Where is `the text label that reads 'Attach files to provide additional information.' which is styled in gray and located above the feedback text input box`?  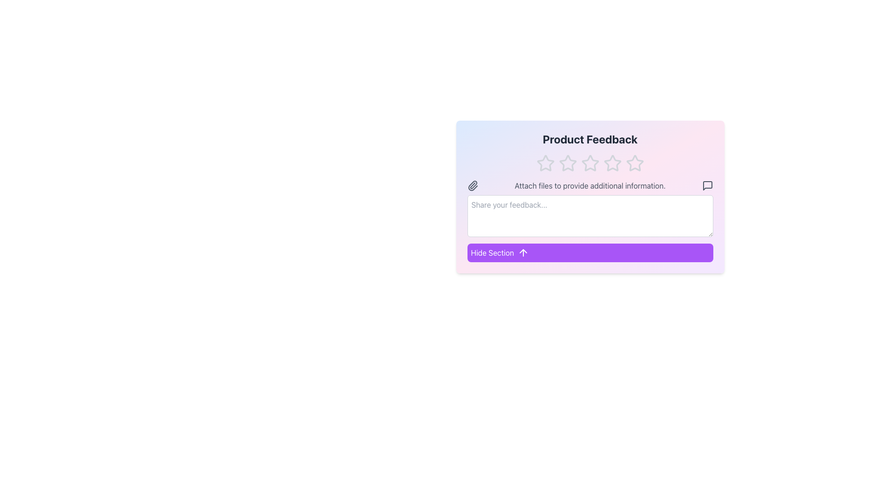
the text label that reads 'Attach files to provide additional information.' which is styled in gray and located above the feedback text input box is located at coordinates (589, 185).